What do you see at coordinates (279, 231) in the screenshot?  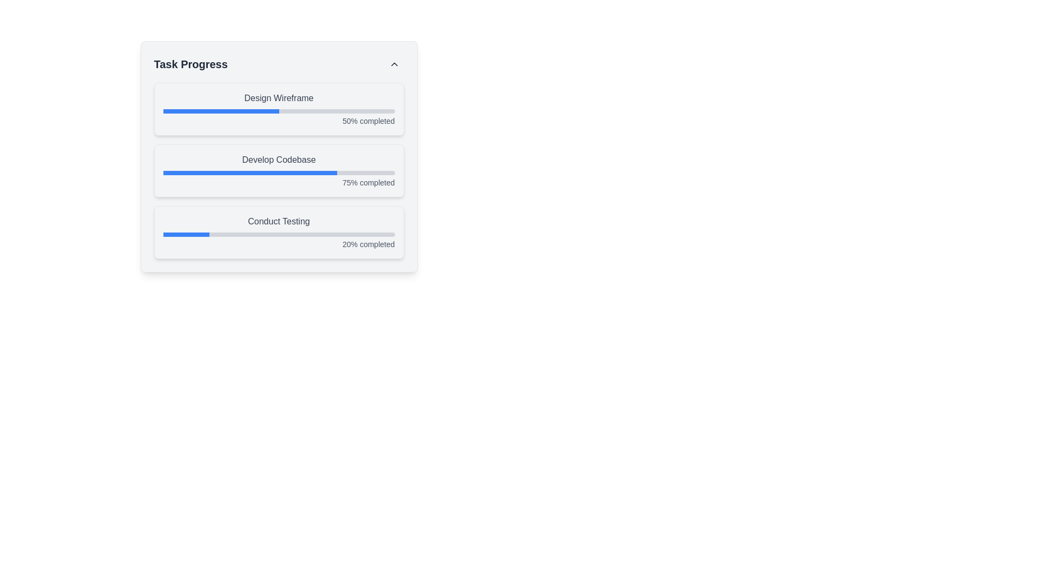 I see `the Progress Card displaying the progress of the 'Conduct Testing' task, located at the bottom of the vertical stack of progress cards` at bounding box center [279, 231].